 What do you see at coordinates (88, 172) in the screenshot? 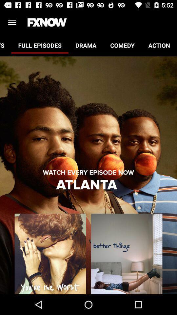
I see `the icon below full episodes` at bounding box center [88, 172].